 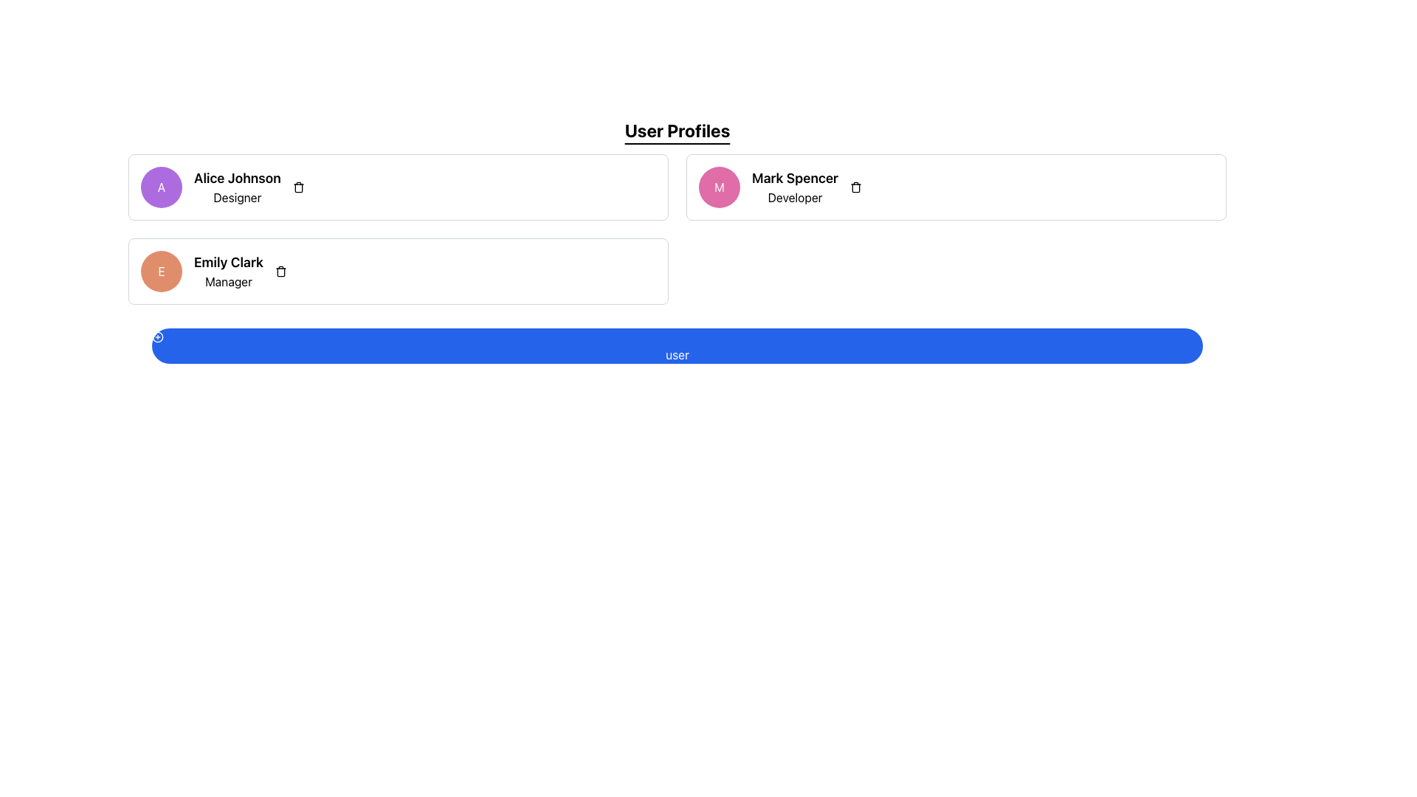 I want to click on the avatar element representing user 'Alice Johnson', which is identified by the initial 'A' and serves as a visual identifier in the user profile section, so click(x=162, y=187).